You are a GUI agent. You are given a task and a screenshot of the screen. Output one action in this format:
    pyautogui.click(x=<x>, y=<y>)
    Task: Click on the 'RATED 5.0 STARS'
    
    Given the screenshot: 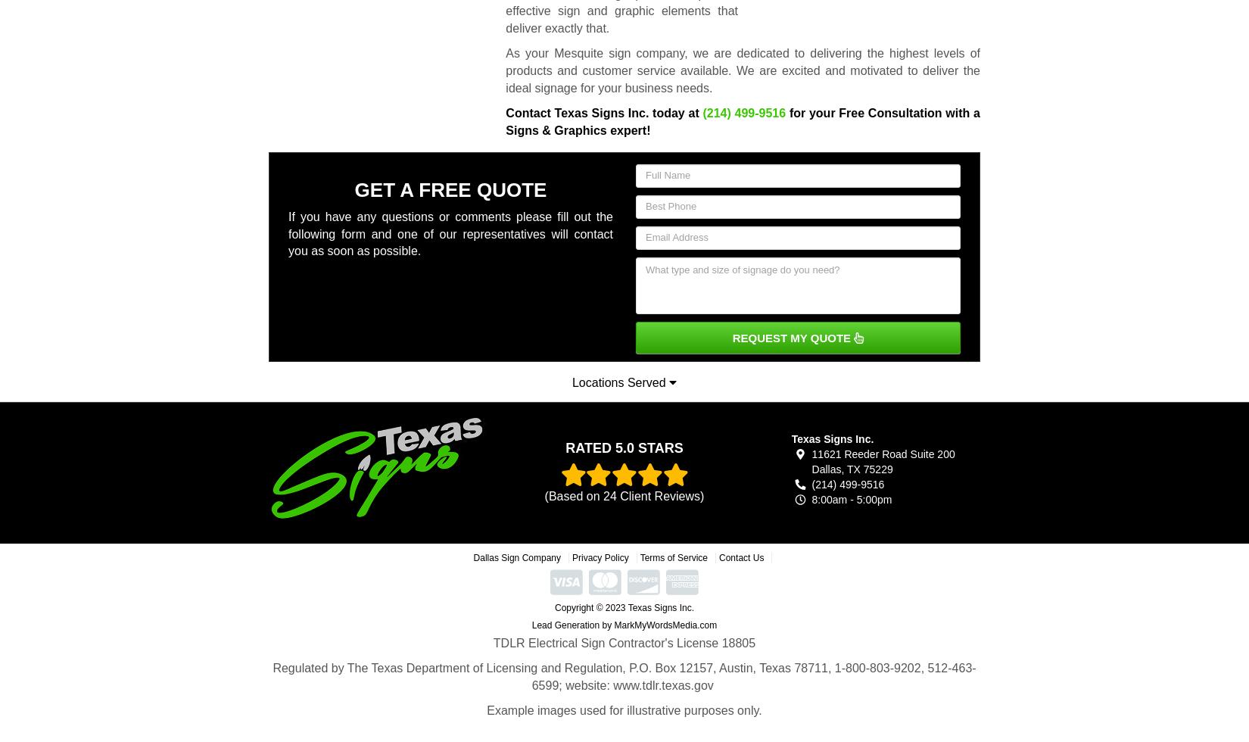 What is the action you would take?
    pyautogui.click(x=623, y=447)
    